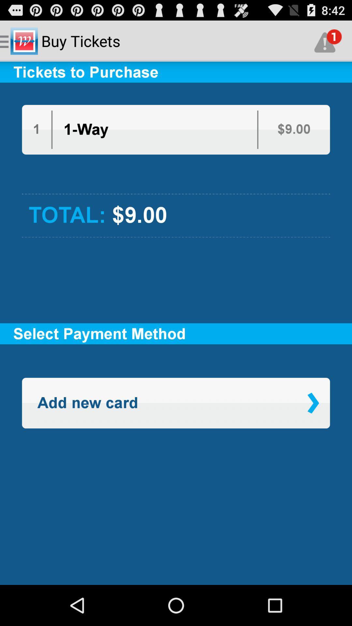 This screenshot has height=626, width=352. Describe the element at coordinates (176, 216) in the screenshot. I see `the total: $9.00 item` at that location.